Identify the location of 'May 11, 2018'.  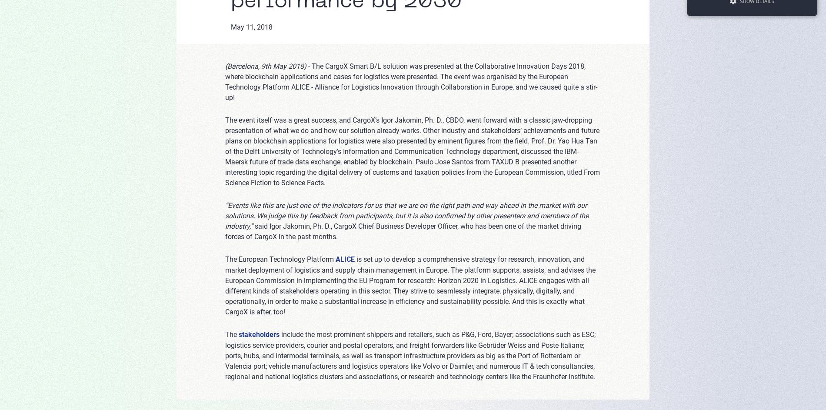
(230, 27).